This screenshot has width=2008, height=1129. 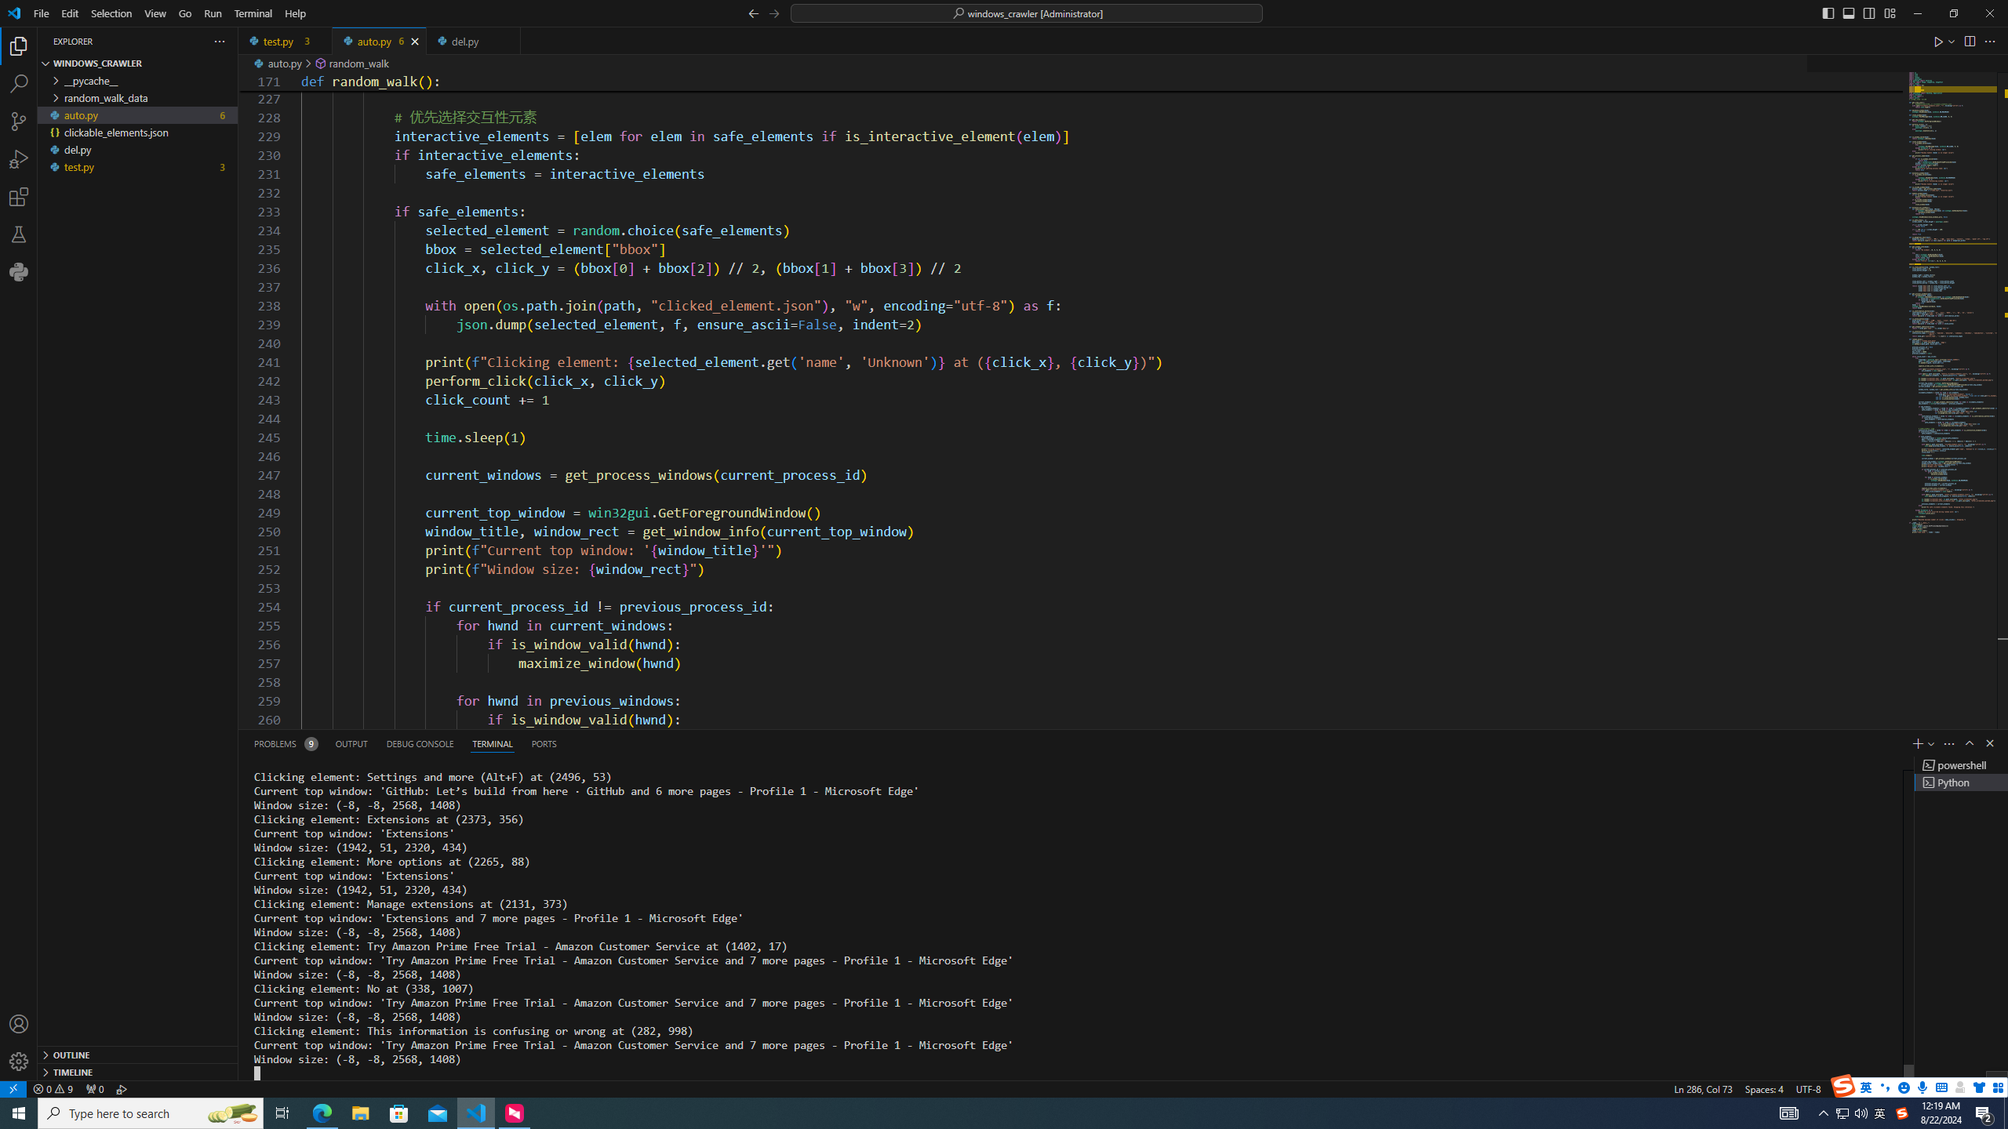 I want to click on 'Debug Console (Ctrl+Shift+Y)', so click(x=420, y=742).